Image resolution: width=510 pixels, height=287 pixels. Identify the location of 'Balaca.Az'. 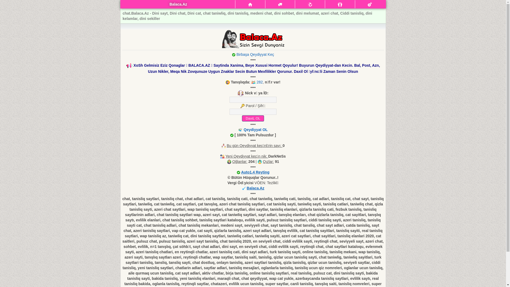
(255, 188).